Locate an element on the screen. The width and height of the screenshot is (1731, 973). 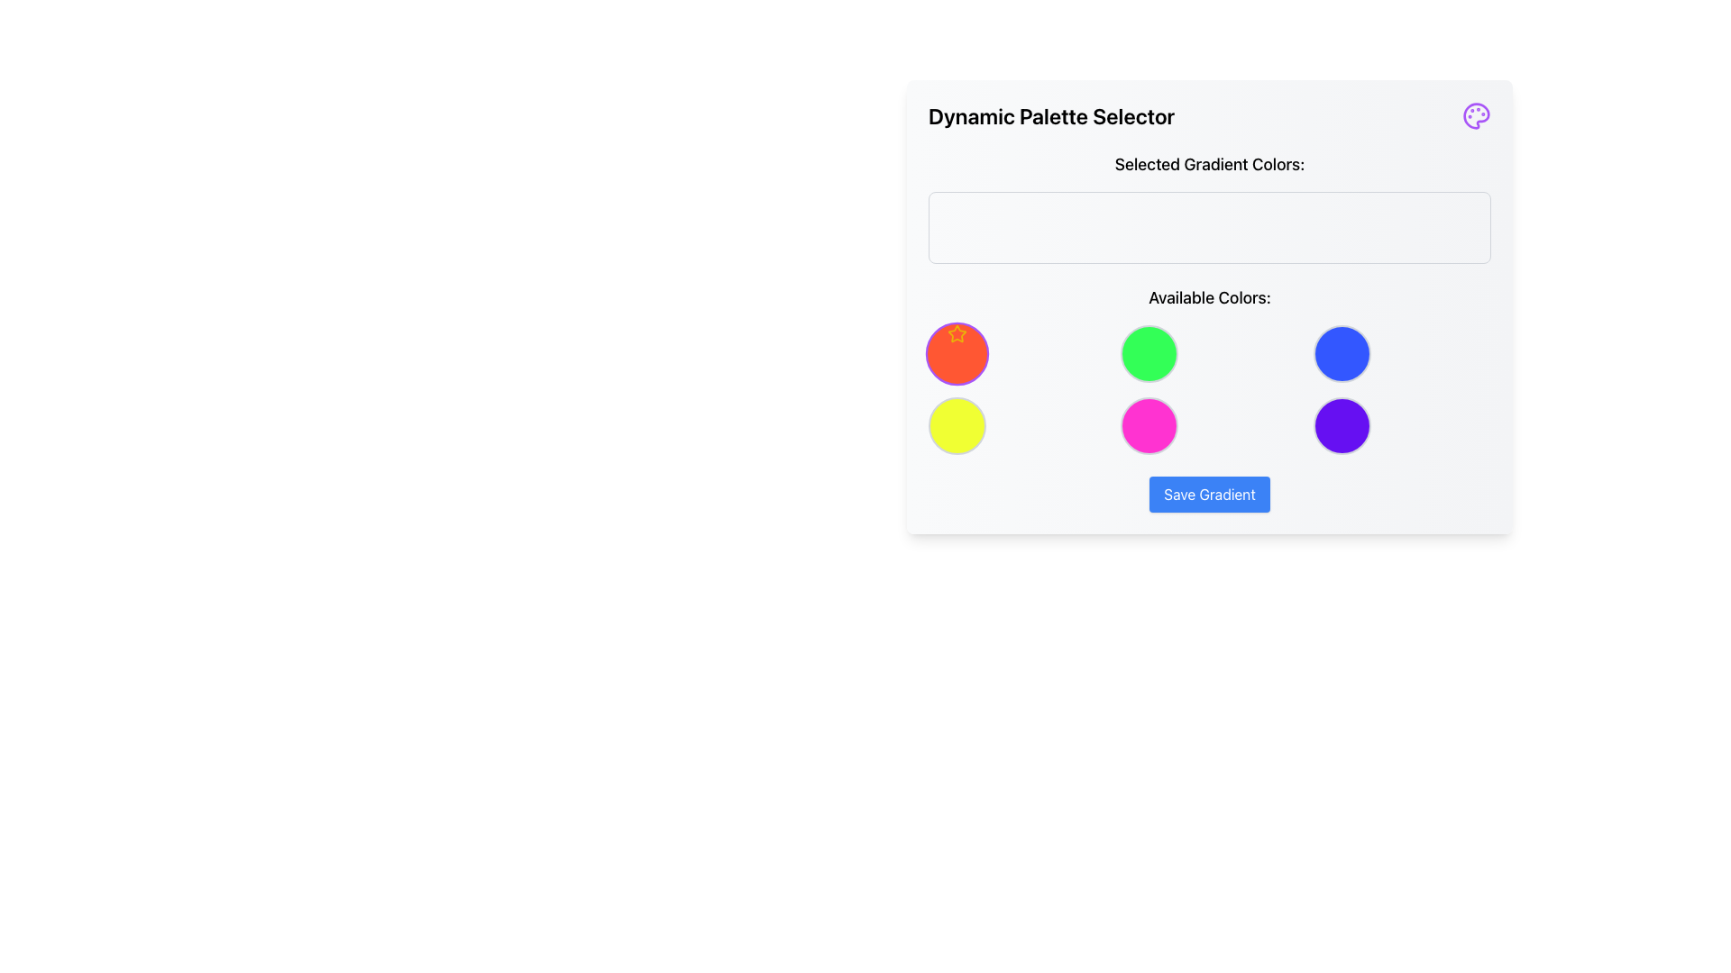
the text label indicating the section for available color choices, located centrally beneath the 'Selected Gradient Colors:' input field is located at coordinates (1210, 297).